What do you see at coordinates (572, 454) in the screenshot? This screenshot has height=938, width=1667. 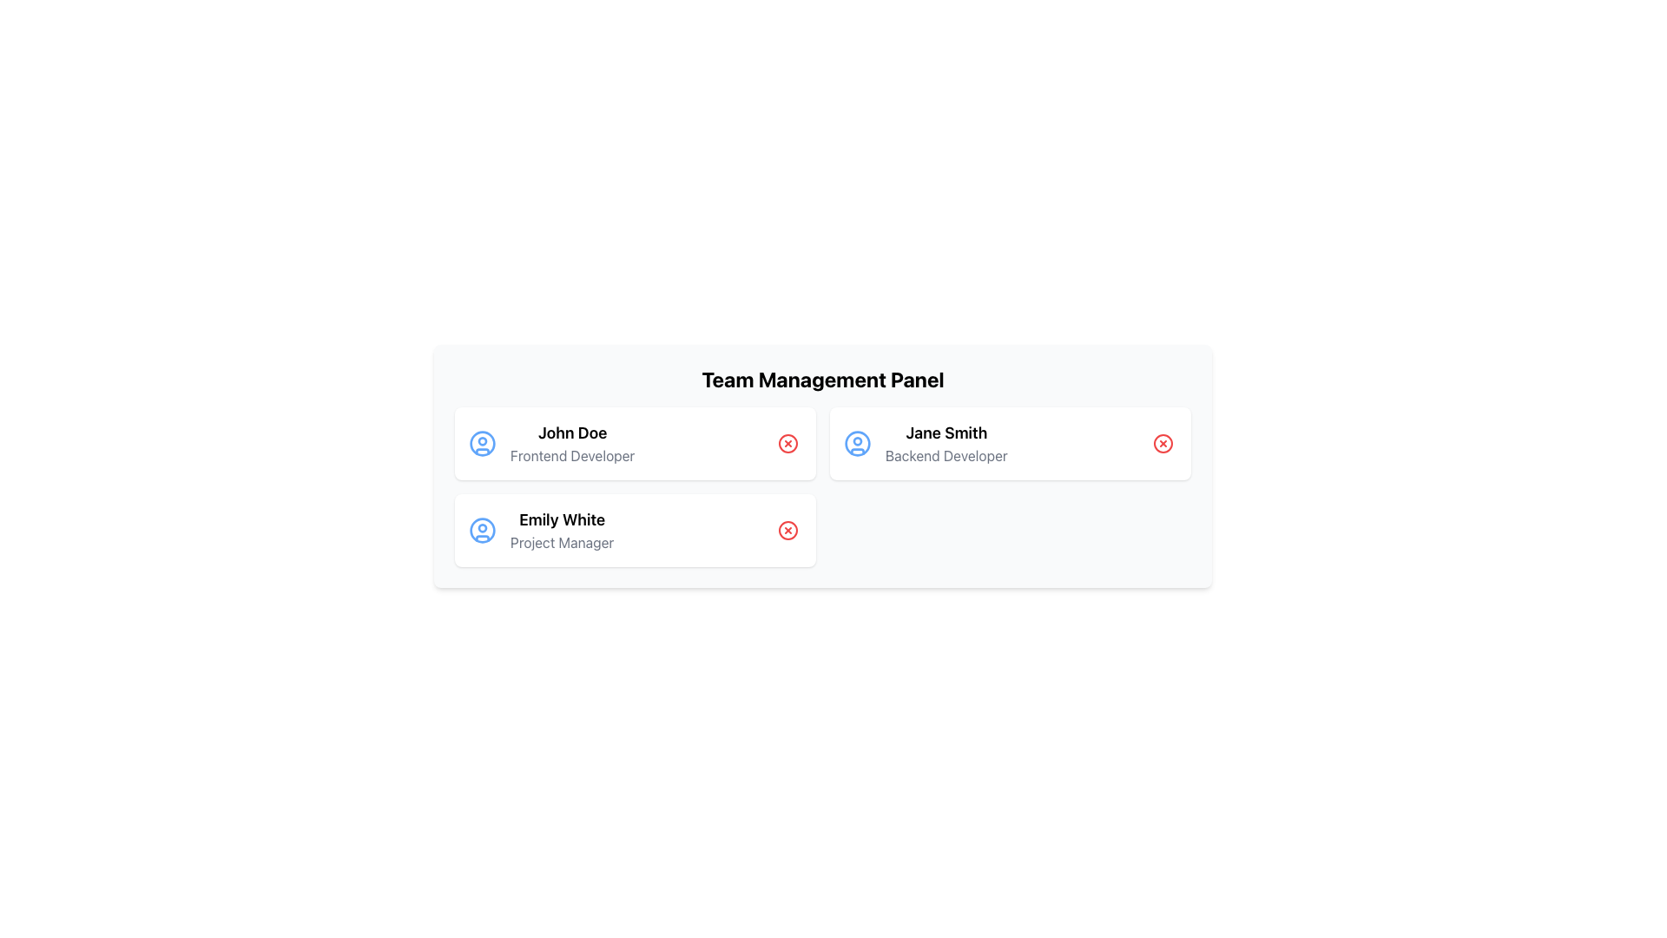 I see `the text label reading 'Frontend Developer' that is styled in gray and positioned below 'John Doe' in the profile card` at bounding box center [572, 454].